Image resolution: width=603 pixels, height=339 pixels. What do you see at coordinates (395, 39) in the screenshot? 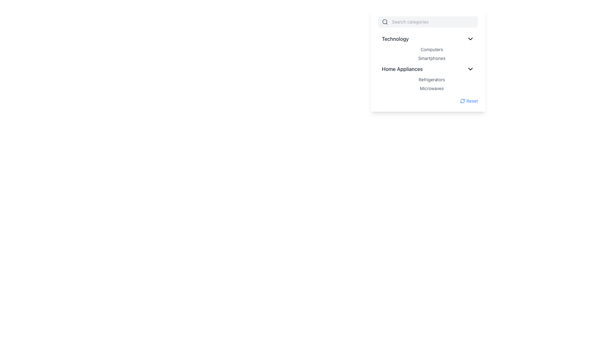
I see `the text label that displays the word 'Technology', which is styled in a medium font weight and dark gray color, located at the left side of a menu header under a search bar` at bounding box center [395, 39].